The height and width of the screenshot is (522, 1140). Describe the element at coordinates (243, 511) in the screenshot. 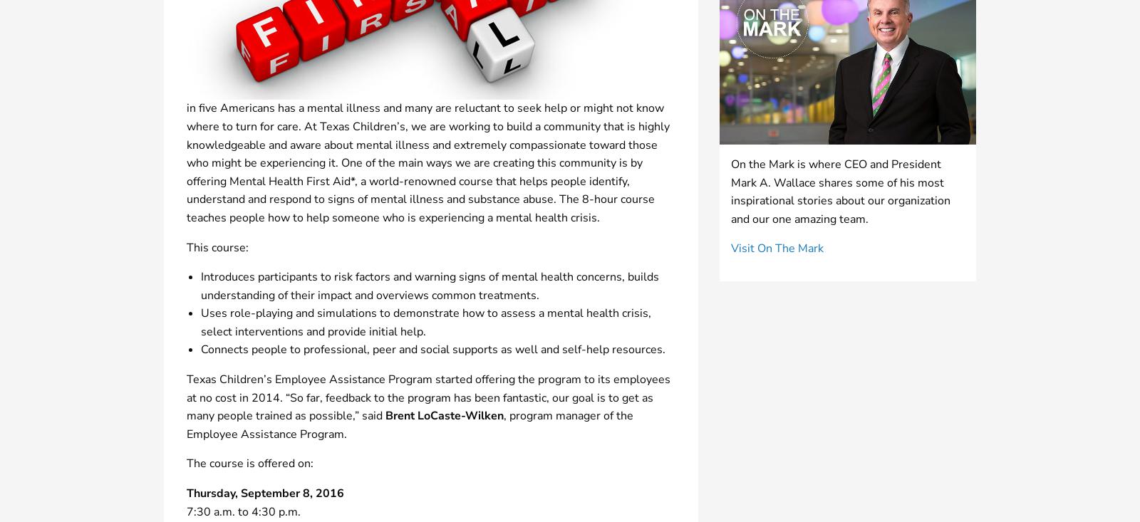

I see `'7:30 a.m. to 4:30 p.m.'` at that location.